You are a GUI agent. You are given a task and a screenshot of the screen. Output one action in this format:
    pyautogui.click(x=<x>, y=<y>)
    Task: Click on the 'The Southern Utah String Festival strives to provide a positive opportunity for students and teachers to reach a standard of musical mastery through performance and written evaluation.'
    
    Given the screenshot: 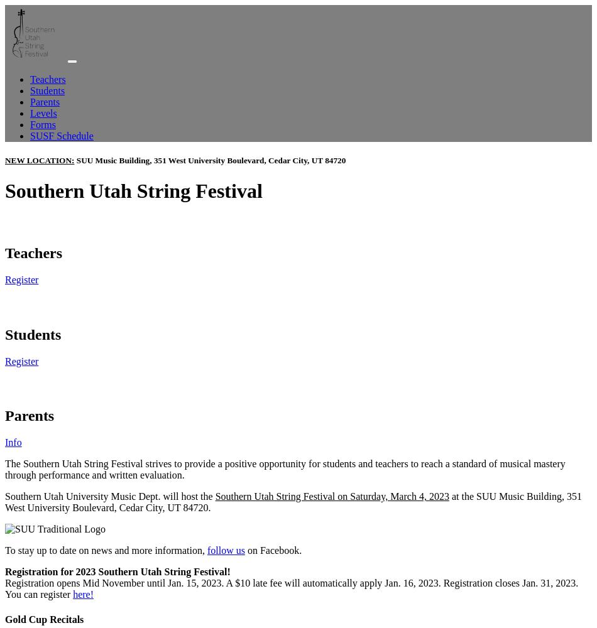 What is the action you would take?
    pyautogui.click(x=4, y=468)
    